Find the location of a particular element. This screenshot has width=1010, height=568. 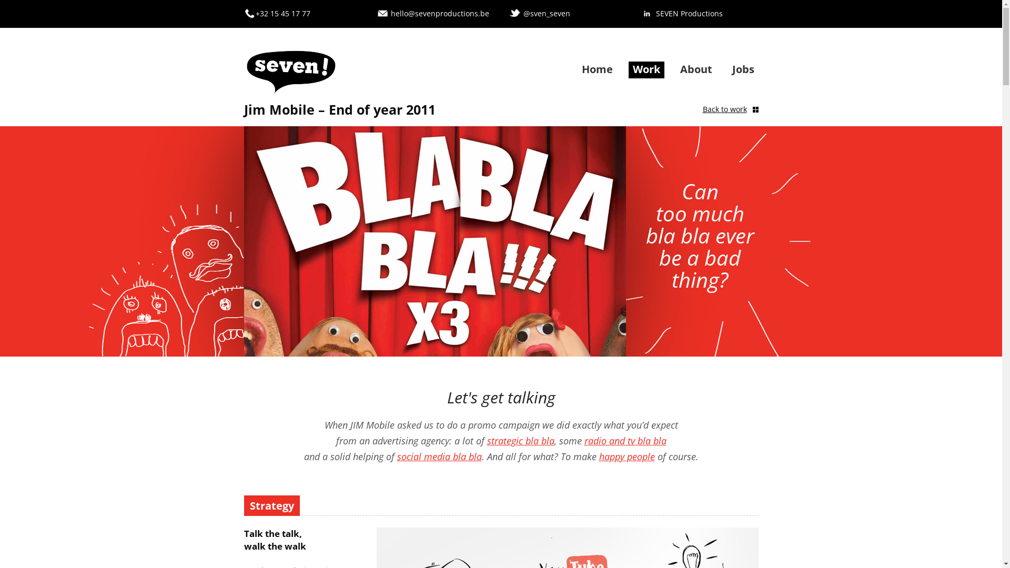

'About' is located at coordinates (679, 69).